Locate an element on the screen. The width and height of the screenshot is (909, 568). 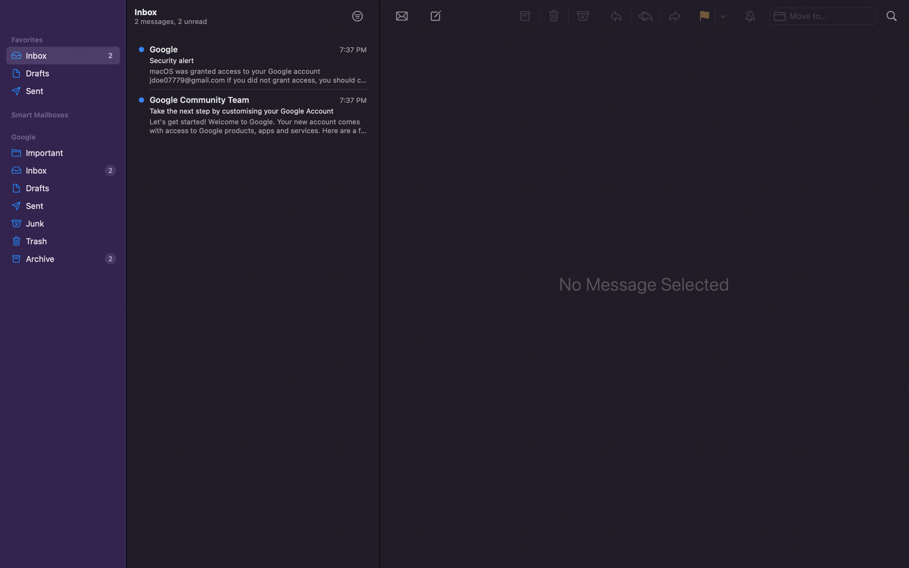
Relocate the marked message to the bar is located at coordinates (824, 15).